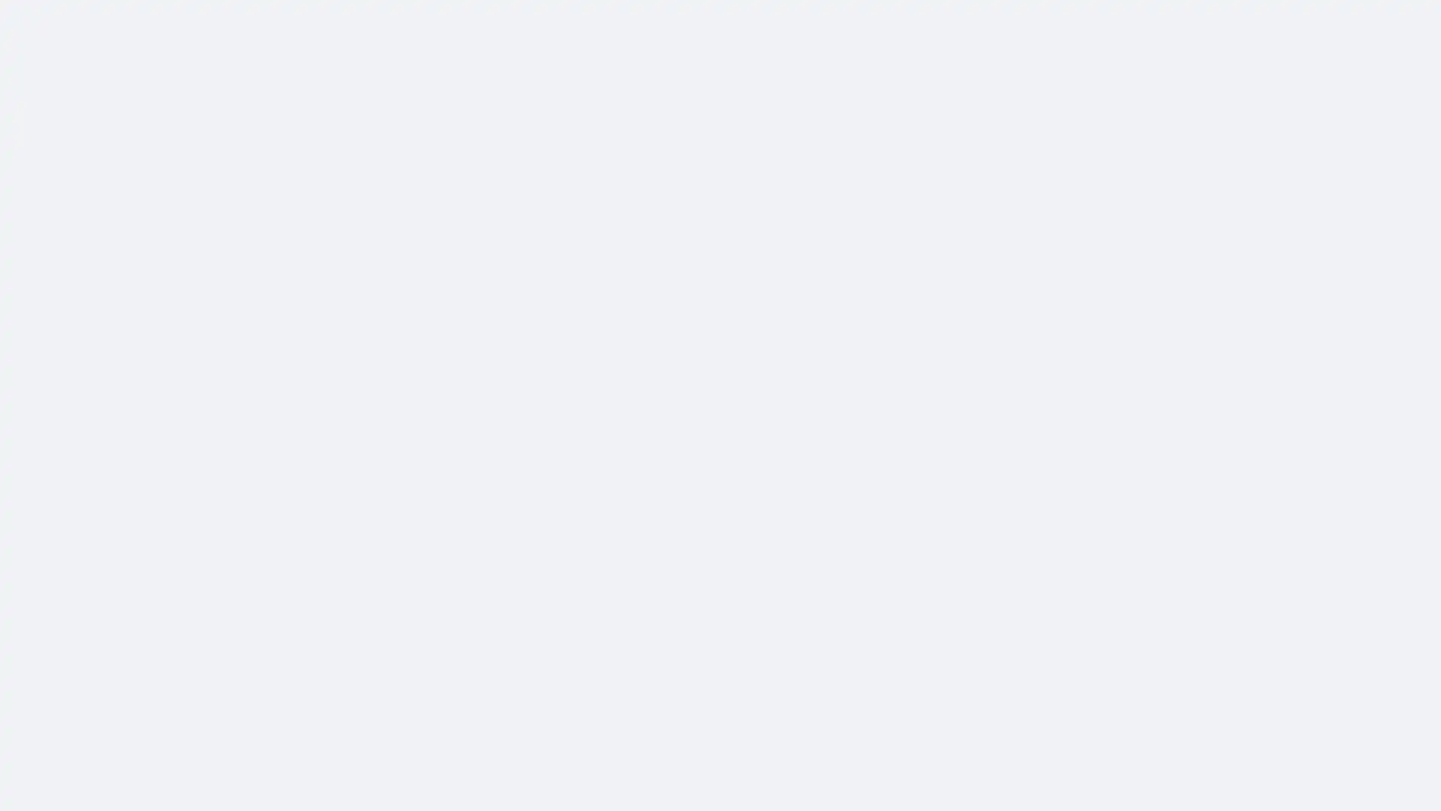  I want to click on Share, so click(979, 393).